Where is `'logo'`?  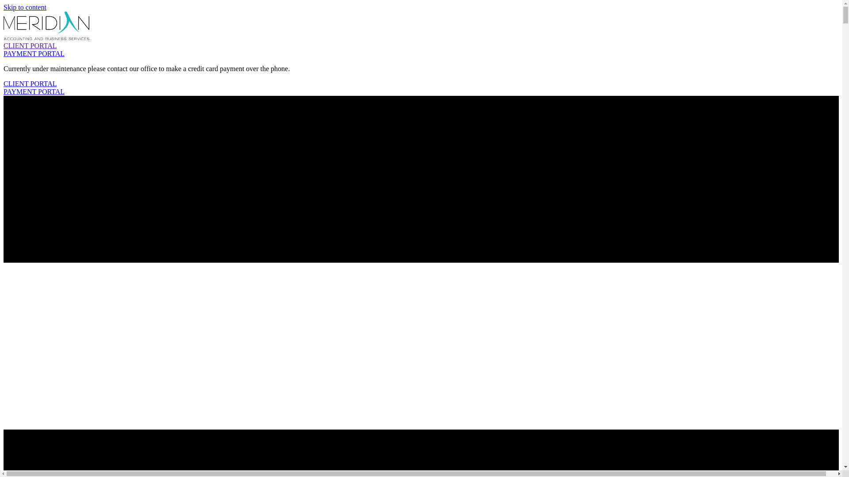
'logo' is located at coordinates (46, 25).